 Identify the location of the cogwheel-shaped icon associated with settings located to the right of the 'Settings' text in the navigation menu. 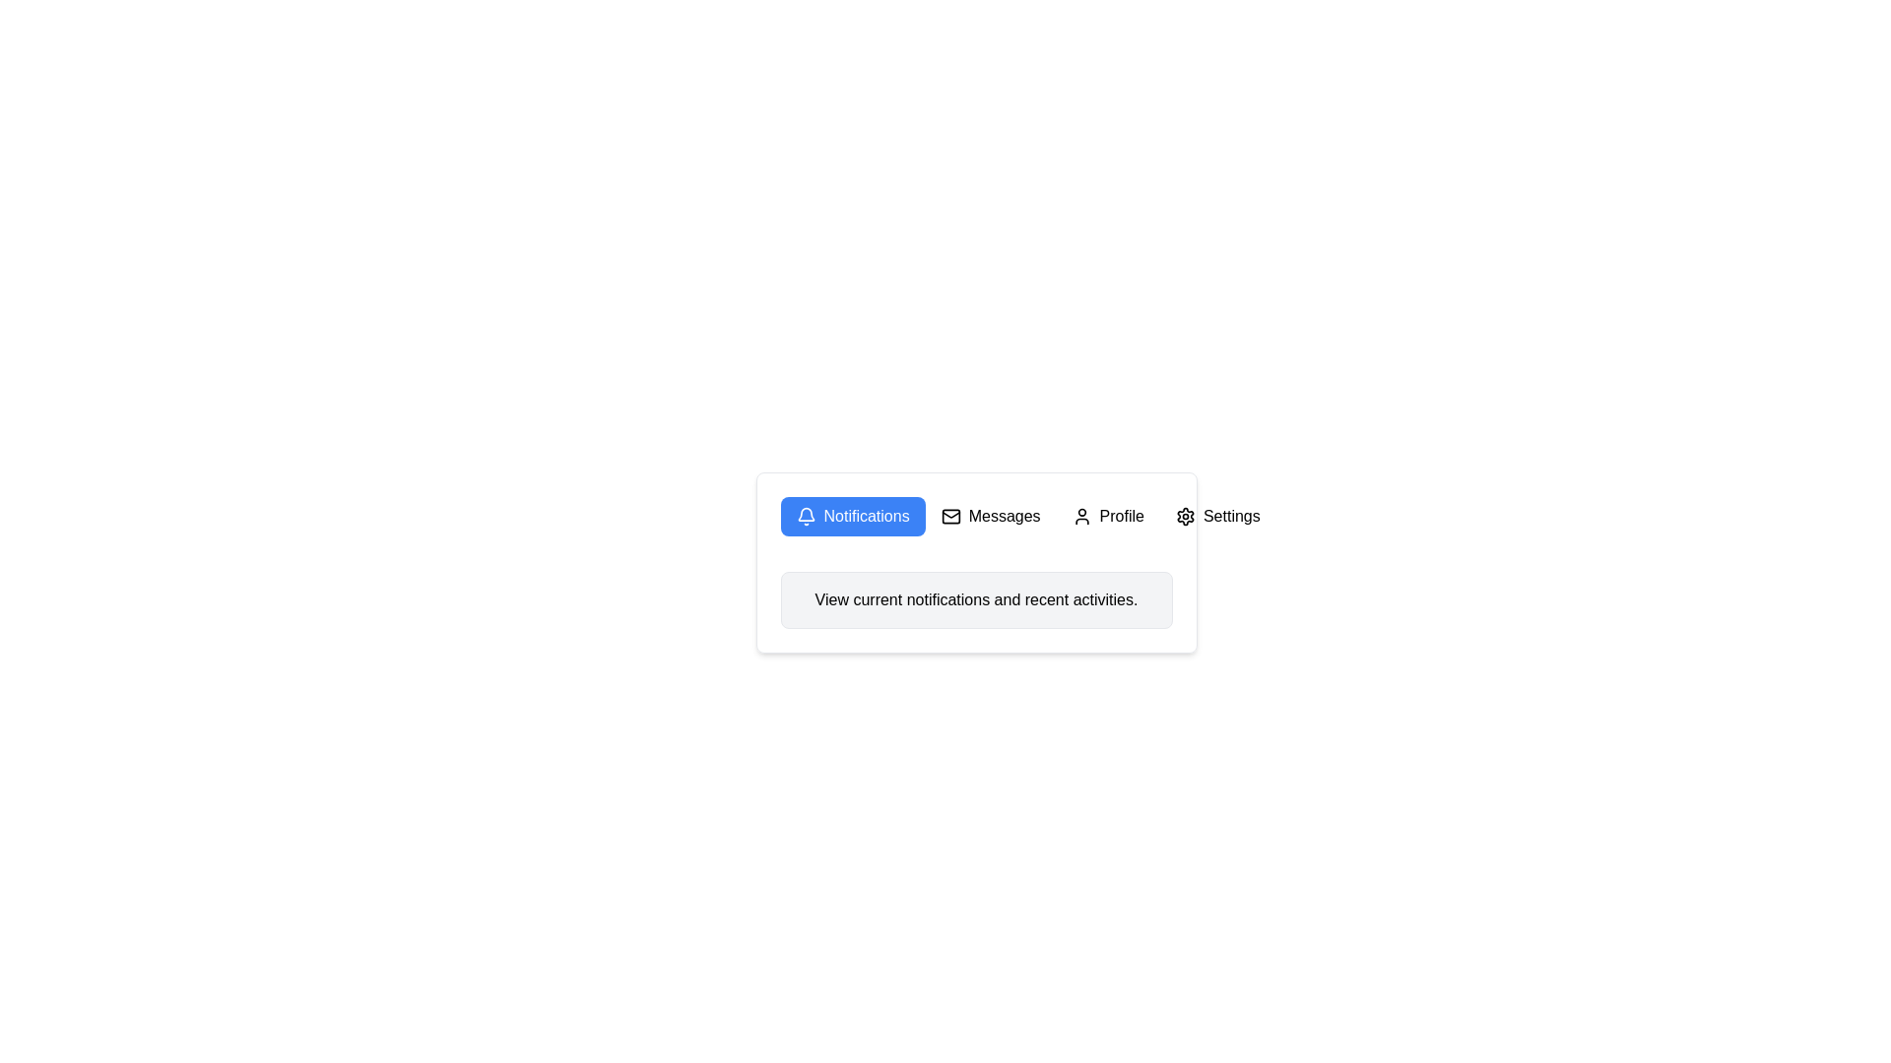
(1185, 515).